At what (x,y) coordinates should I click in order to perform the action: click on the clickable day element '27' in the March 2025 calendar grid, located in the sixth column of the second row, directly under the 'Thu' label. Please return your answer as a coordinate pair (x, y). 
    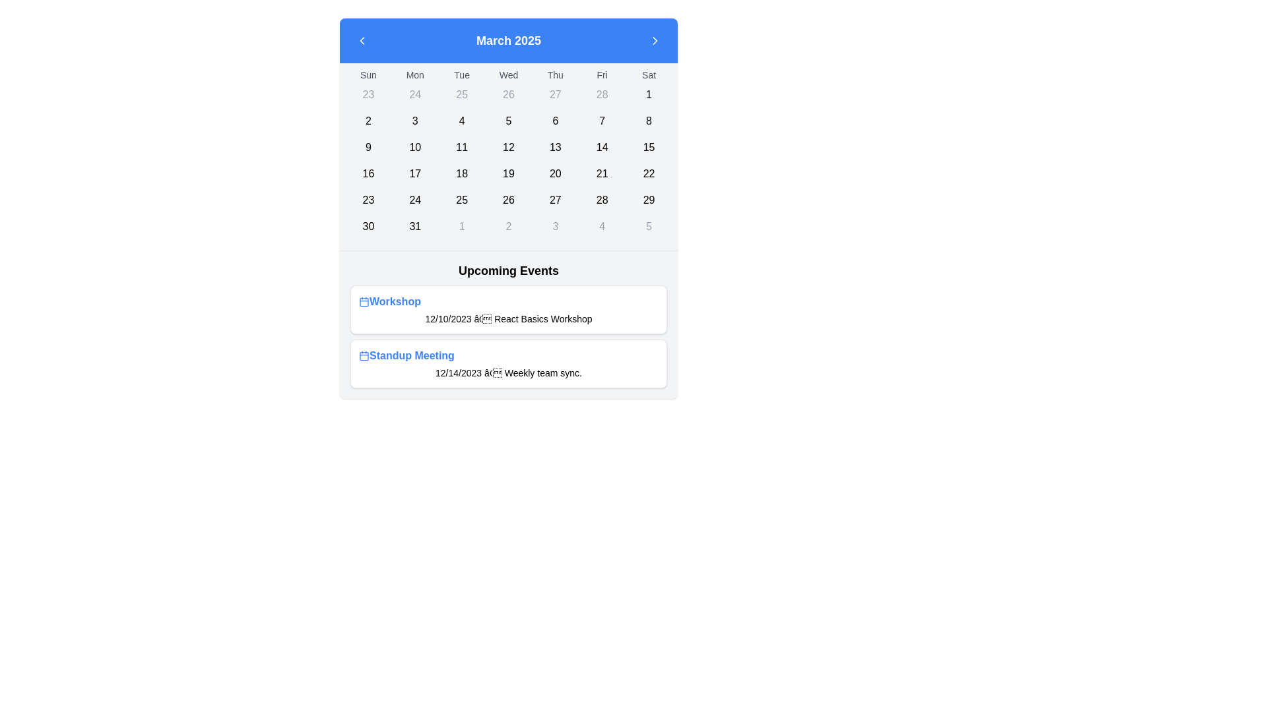
    Looking at the image, I should click on (555, 94).